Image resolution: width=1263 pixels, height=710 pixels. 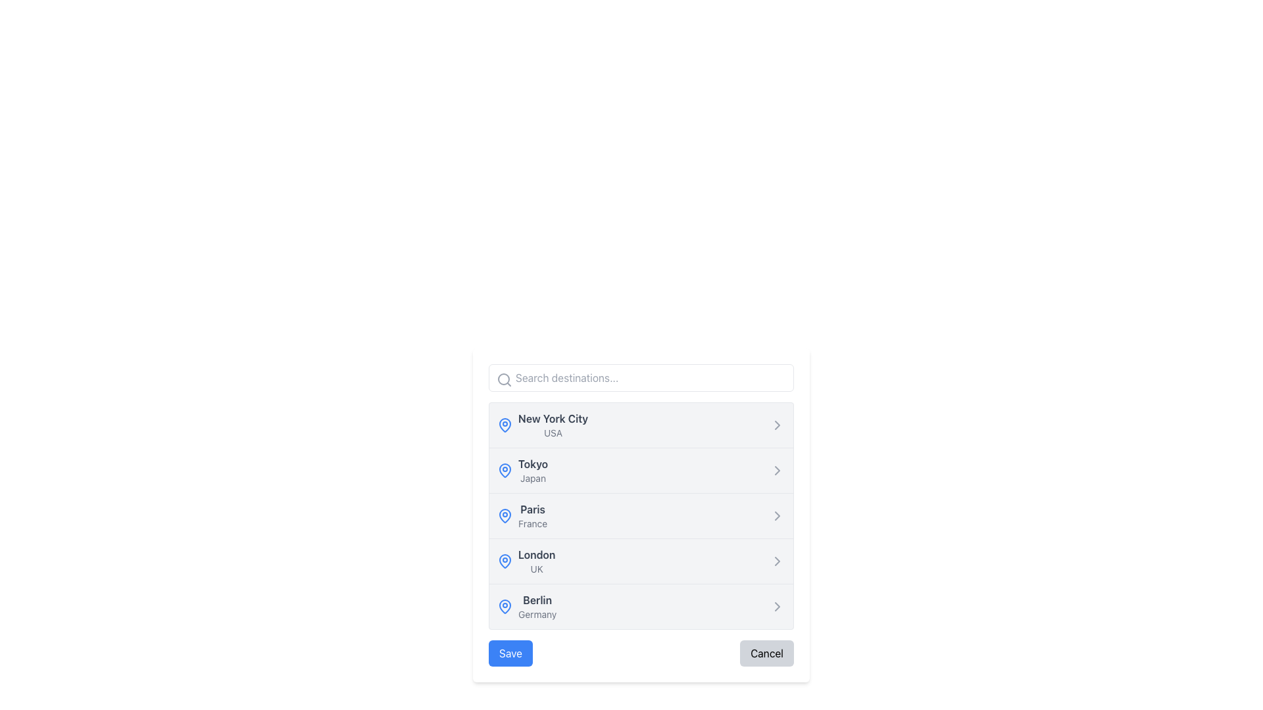 I want to click on the thin right-facing chevron icon in the 'London, UK' list entry, which is styled in gray and is positioned at the far right of the entry, so click(x=777, y=561).